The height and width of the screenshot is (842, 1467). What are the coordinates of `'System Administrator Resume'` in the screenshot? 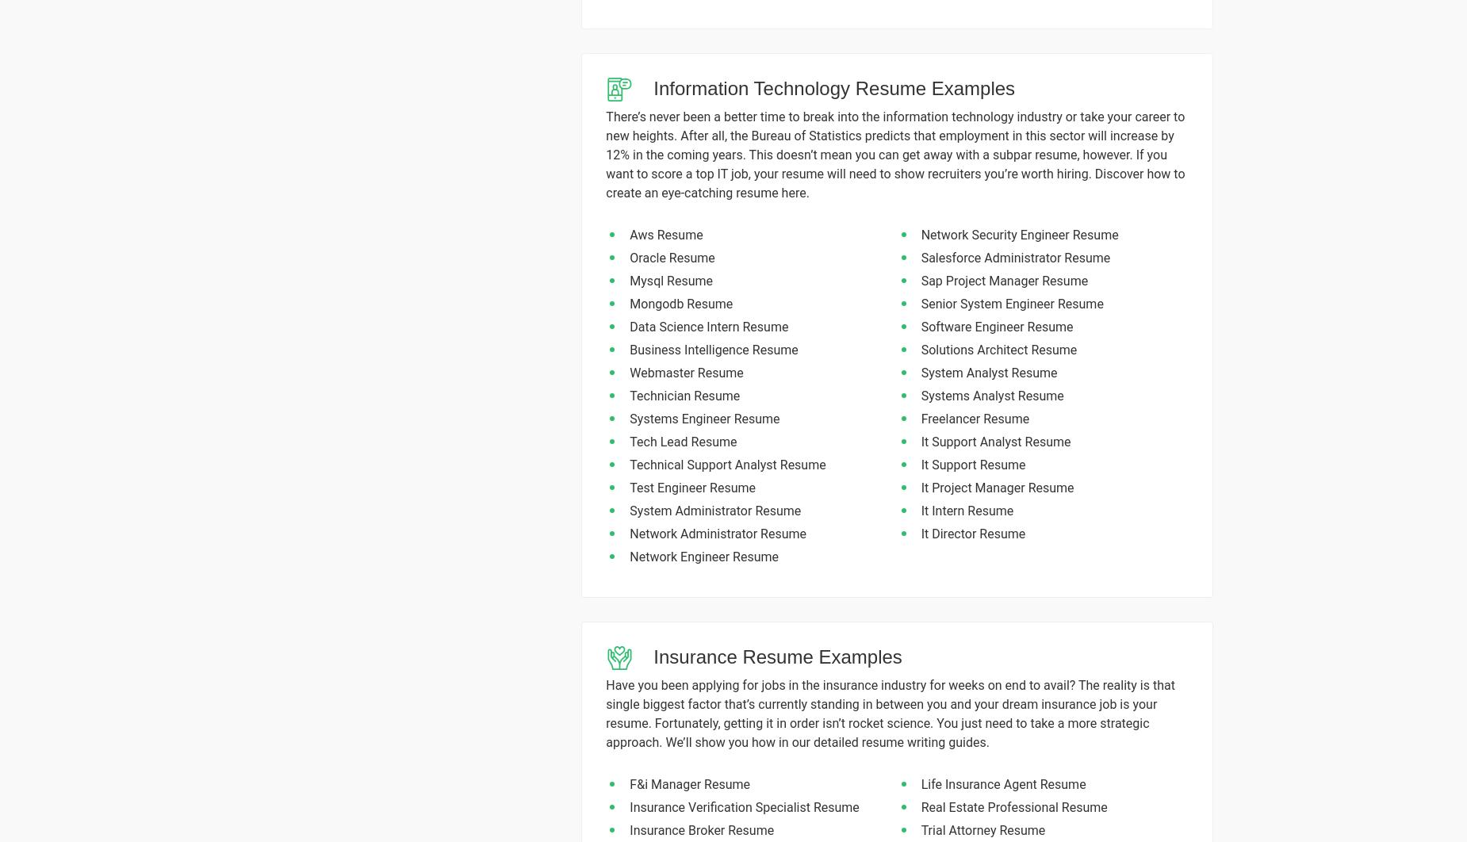 It's located at (715, 511).